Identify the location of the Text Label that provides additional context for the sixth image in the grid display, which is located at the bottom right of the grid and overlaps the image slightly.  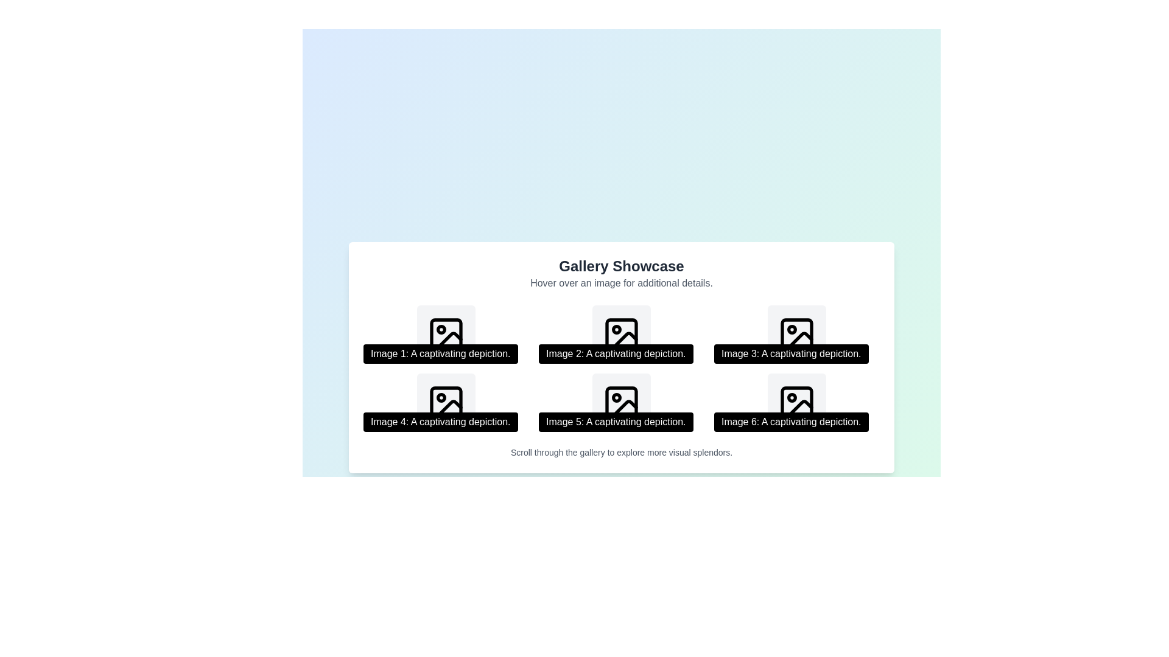
(791, 422).